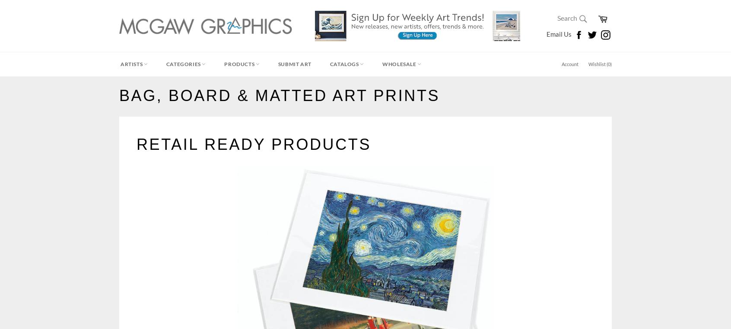 This screenshot has width=731, height=329. What do you see at coordinates (151, 154) in the screenshot?
I see `'2023 Spring Collection'` at bounding box center [151, 154].